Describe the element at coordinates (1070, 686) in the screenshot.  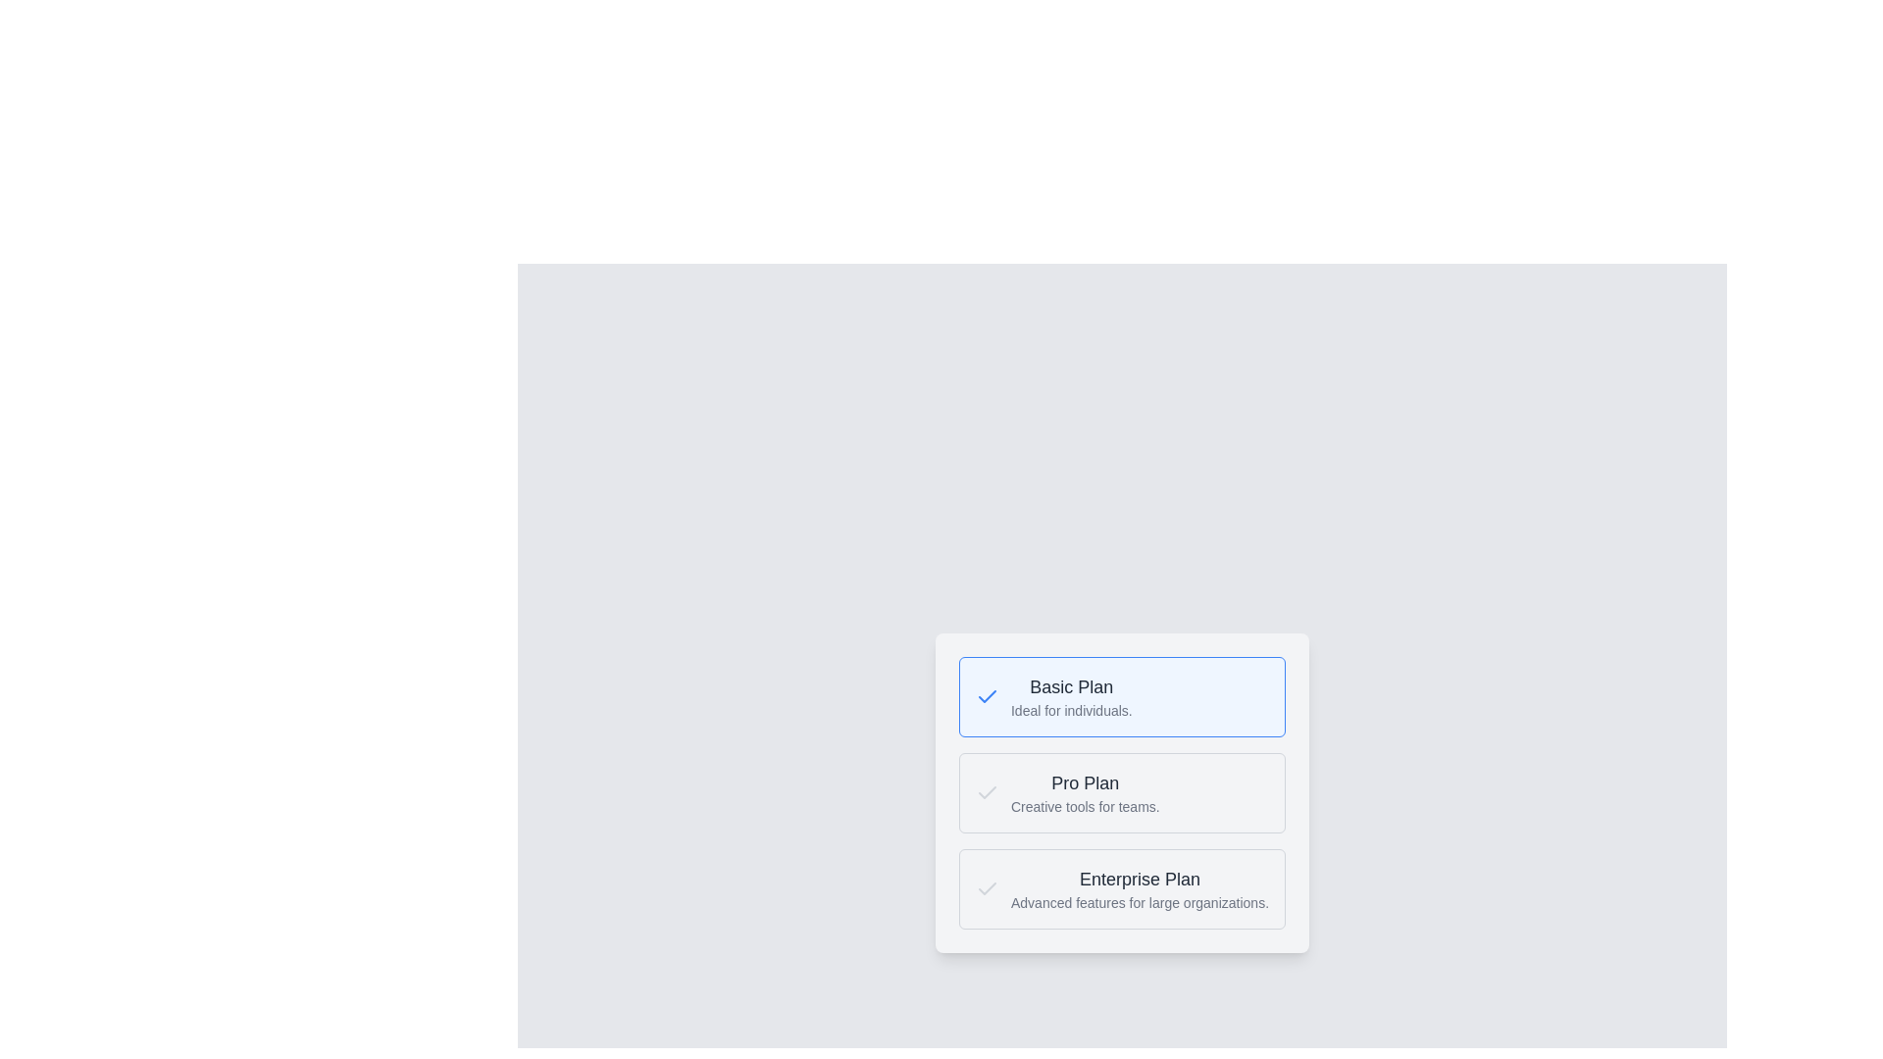
I see `text label displaying 'Basic Plan', which is styled in a larger, bold font and is dark gray in color, positioned at the top-left of the subscription plan card` at that location.